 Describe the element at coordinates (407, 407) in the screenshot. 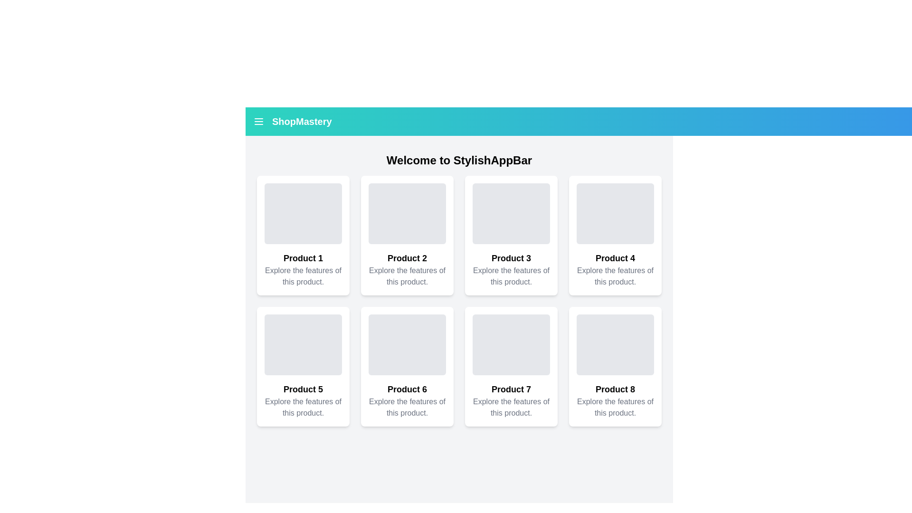

I see `gray-colored text labeled 'Explore the features of this product.' located at the bottom center of the card under 'Product 6'` at that location.